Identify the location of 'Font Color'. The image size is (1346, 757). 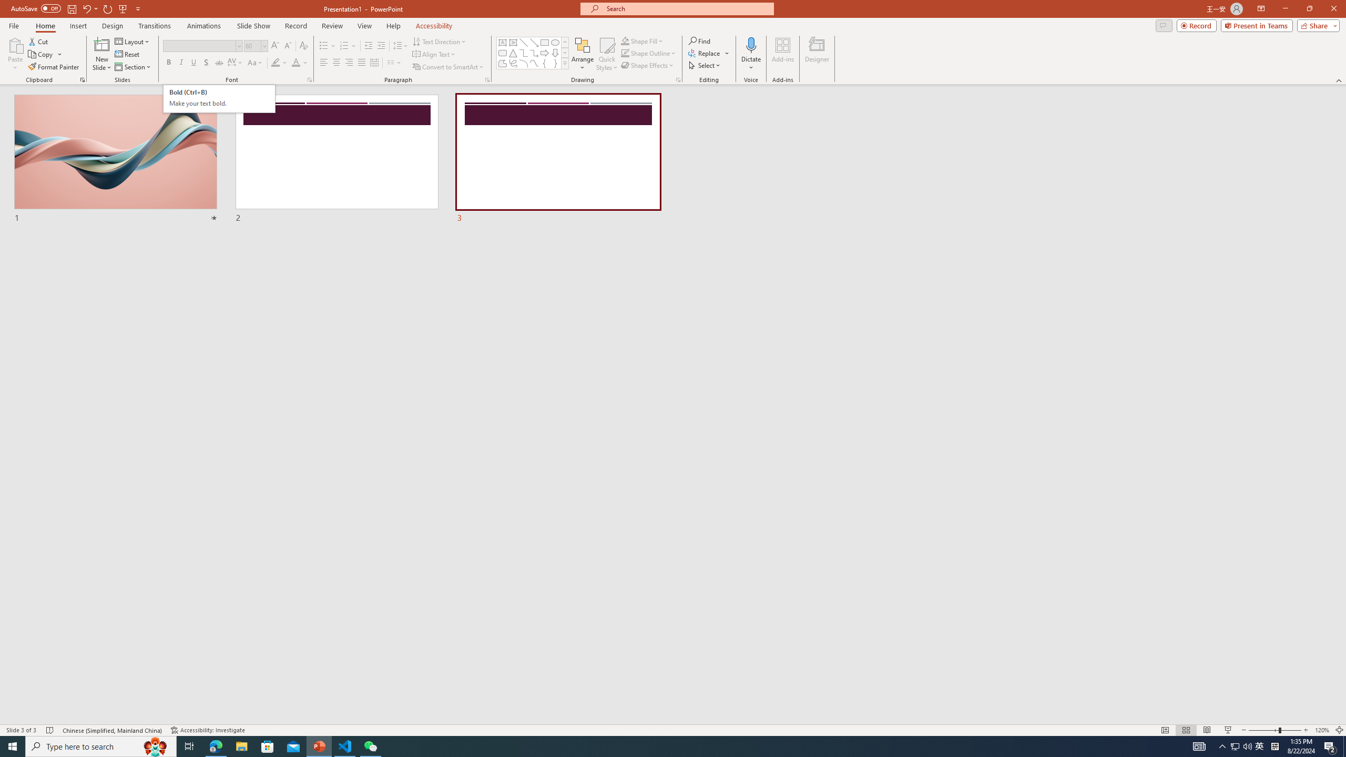
(300, 62).